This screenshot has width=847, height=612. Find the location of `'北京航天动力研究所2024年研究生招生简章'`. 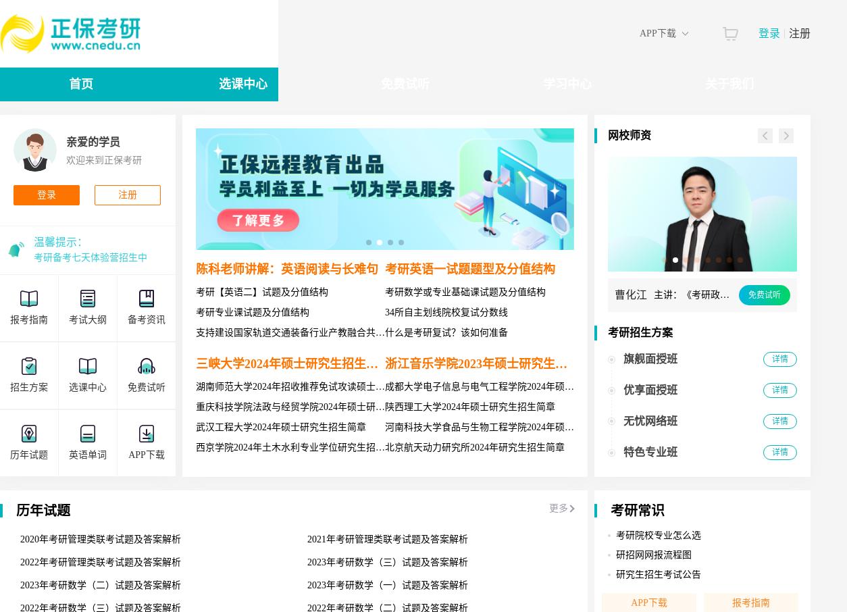

'北京航天动力研究所2024年研究生招生简章' is located at coordinates (474, 447).